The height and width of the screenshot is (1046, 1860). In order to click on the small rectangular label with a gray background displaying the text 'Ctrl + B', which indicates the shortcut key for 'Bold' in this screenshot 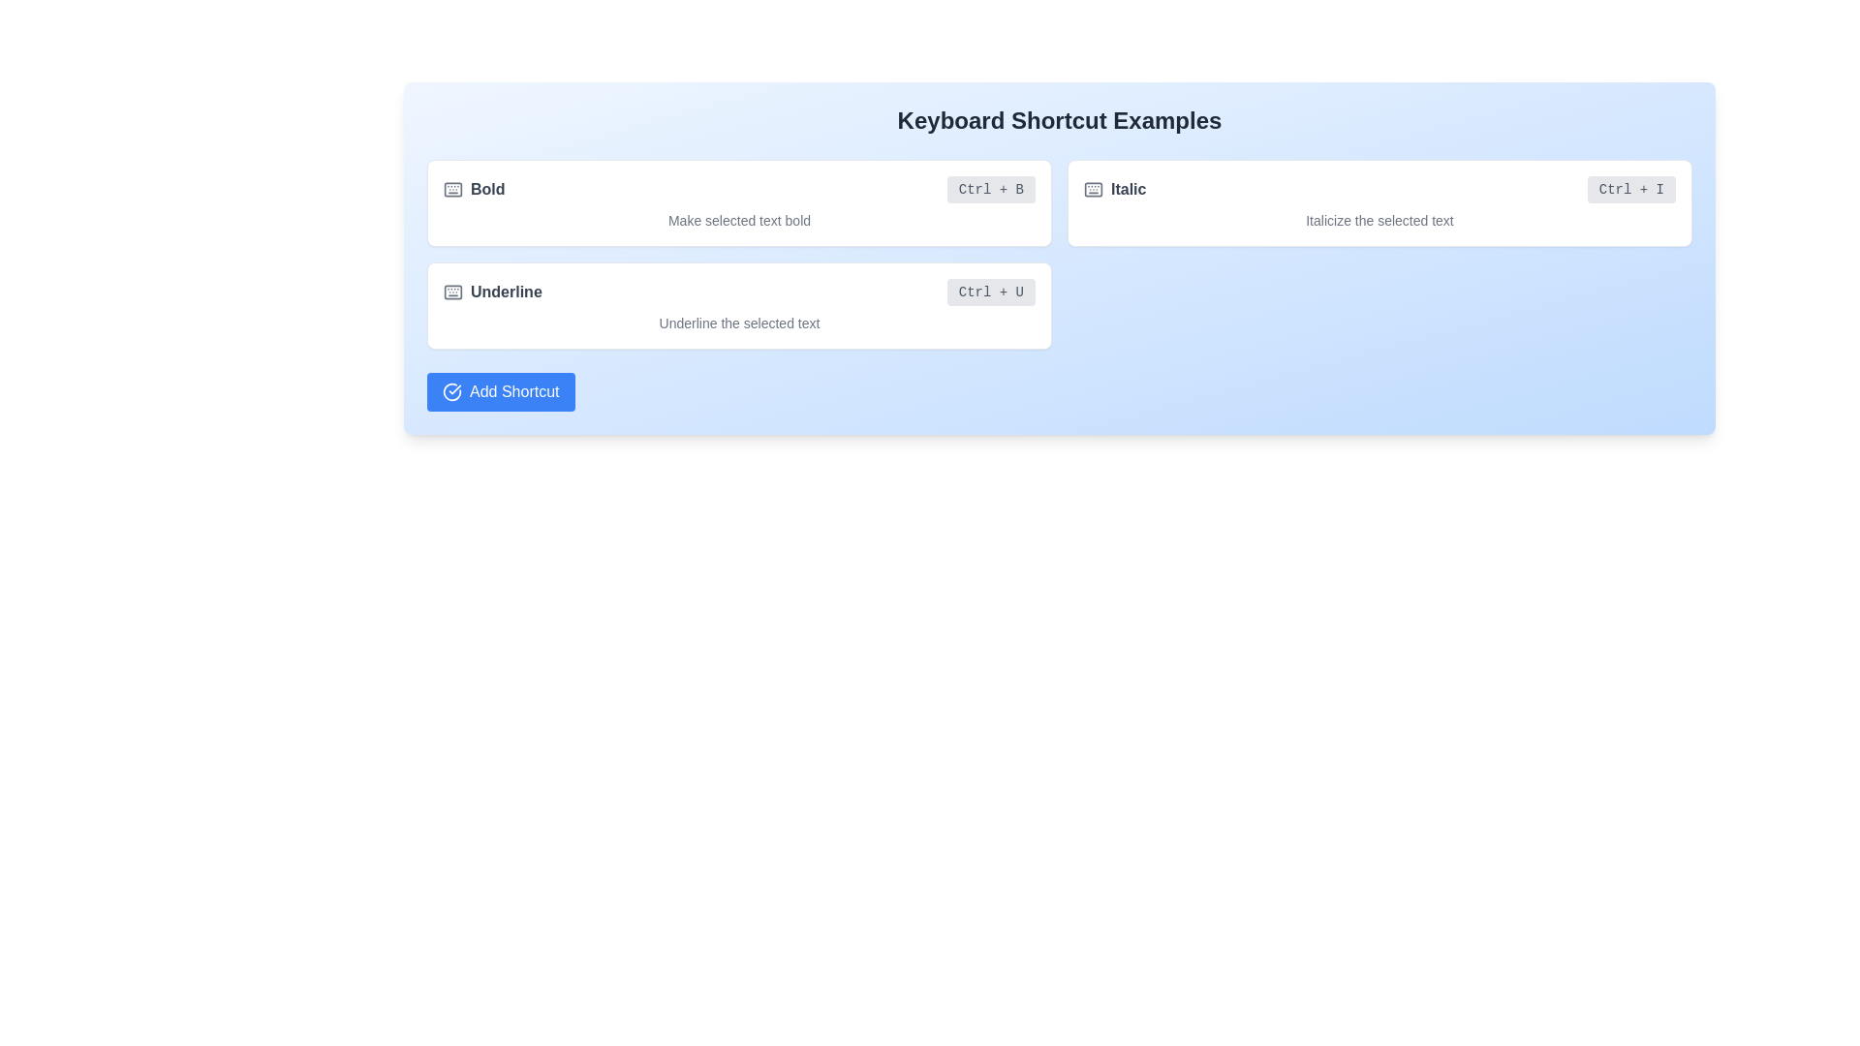, I will do `click(991, 190)`.